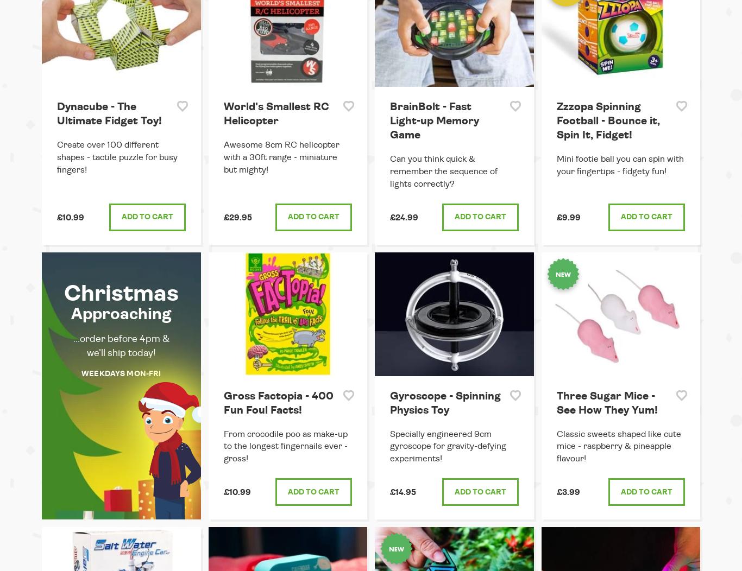 The width and height of the screenshot is (742, 571). What do you see at coordinates (434, 120) in the screenshot?
I see `'BrainBolt - Fast Light-up Memory Game'` at bounding box center [434, 120].